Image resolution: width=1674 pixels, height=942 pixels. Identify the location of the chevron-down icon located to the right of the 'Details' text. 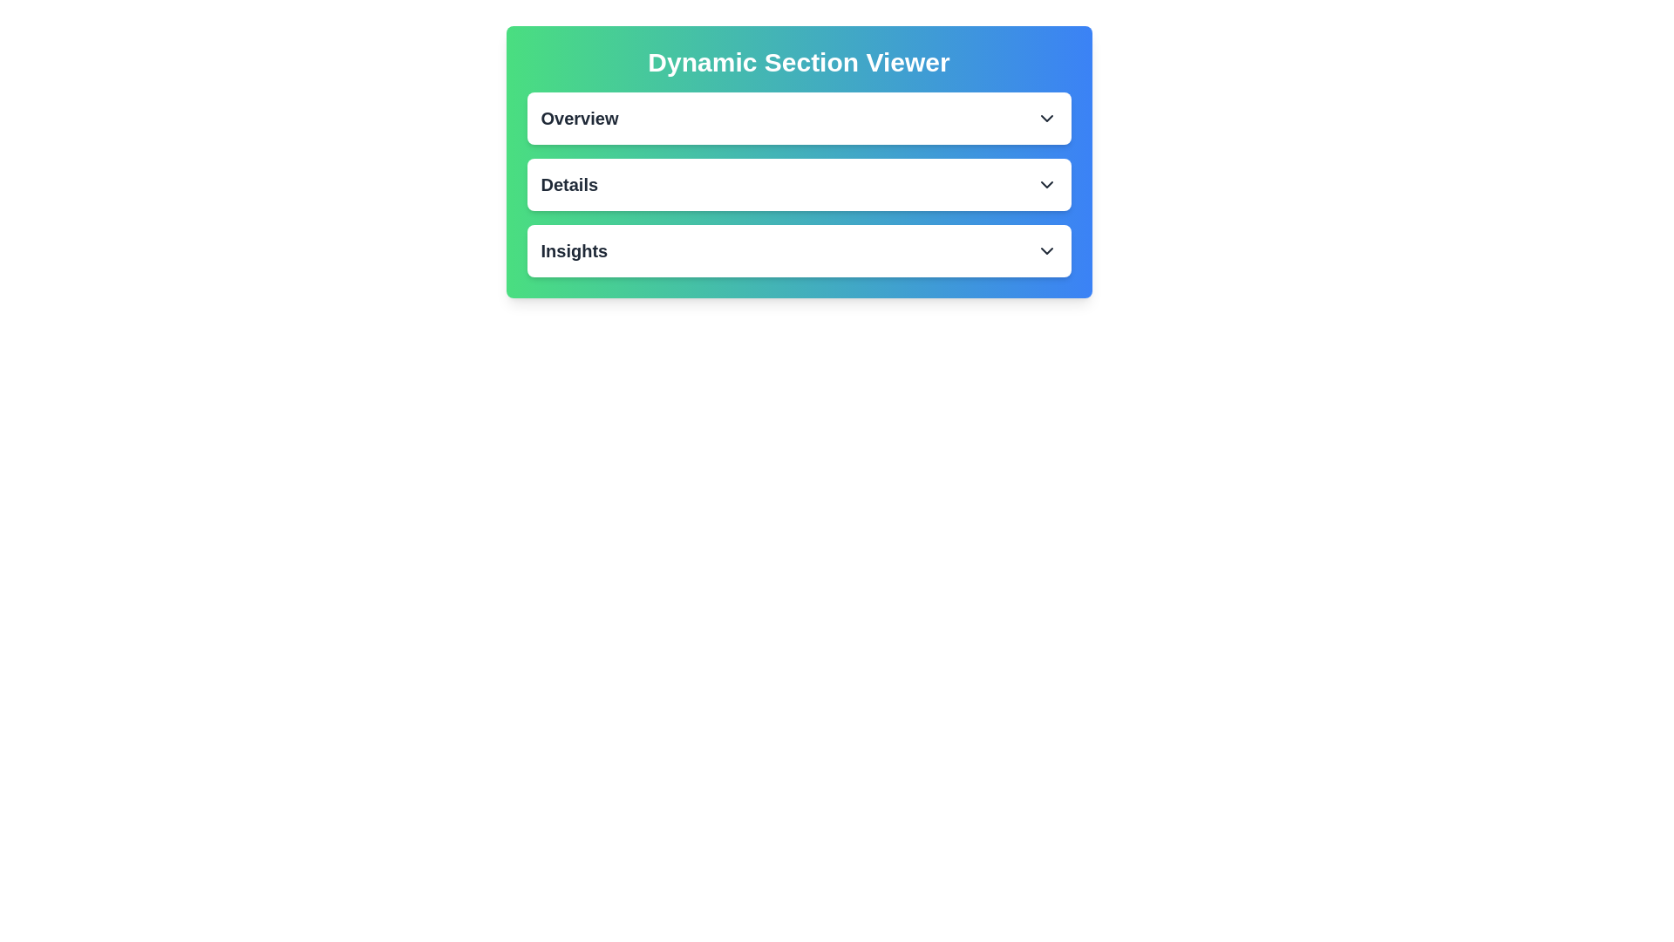
(1046, 185).